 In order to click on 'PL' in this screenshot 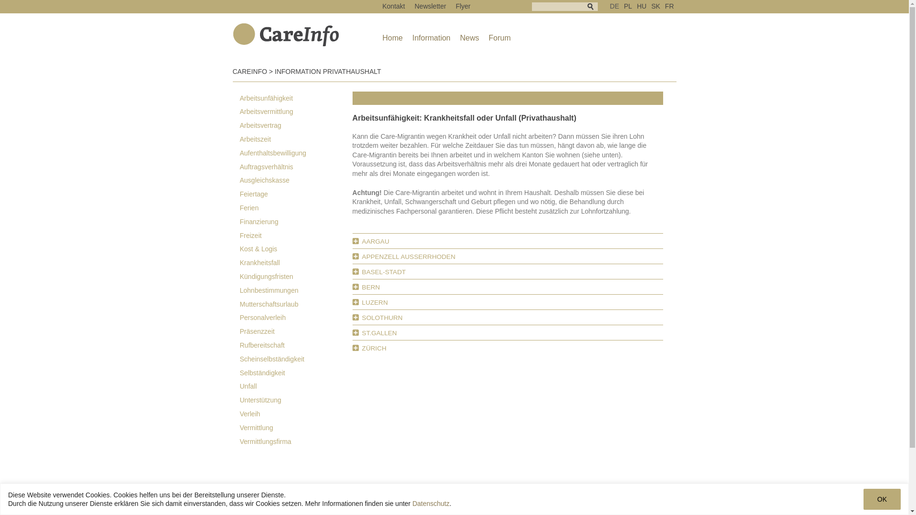, I will do `click(628, 6)`.